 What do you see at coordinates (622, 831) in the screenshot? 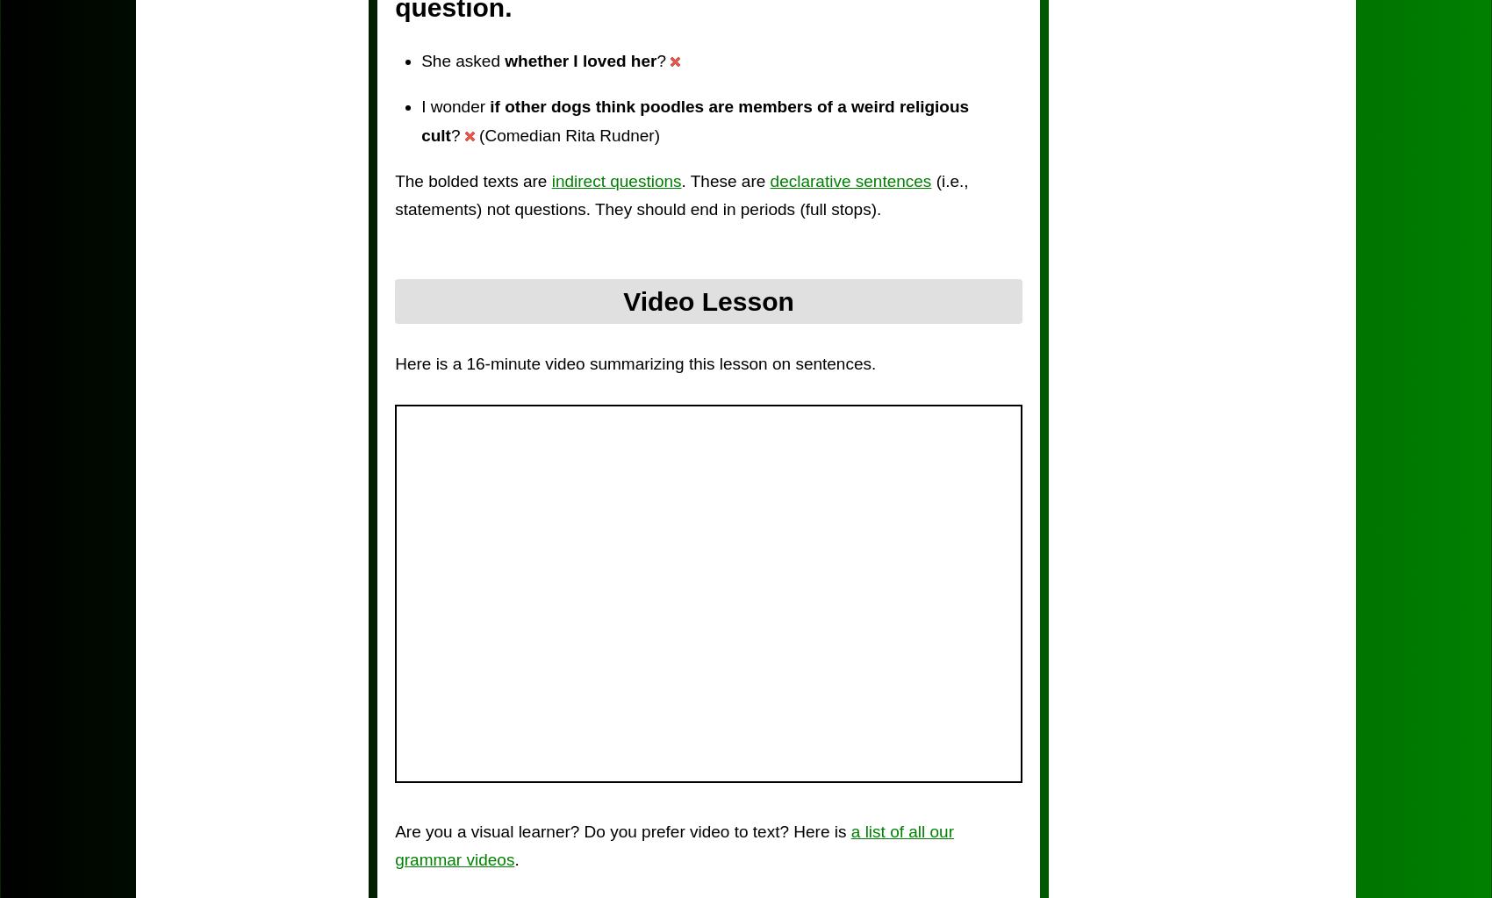
I see `'Are you a visual learner? Do you prefer video to text? Here is'` at bounding box center [622, 831].